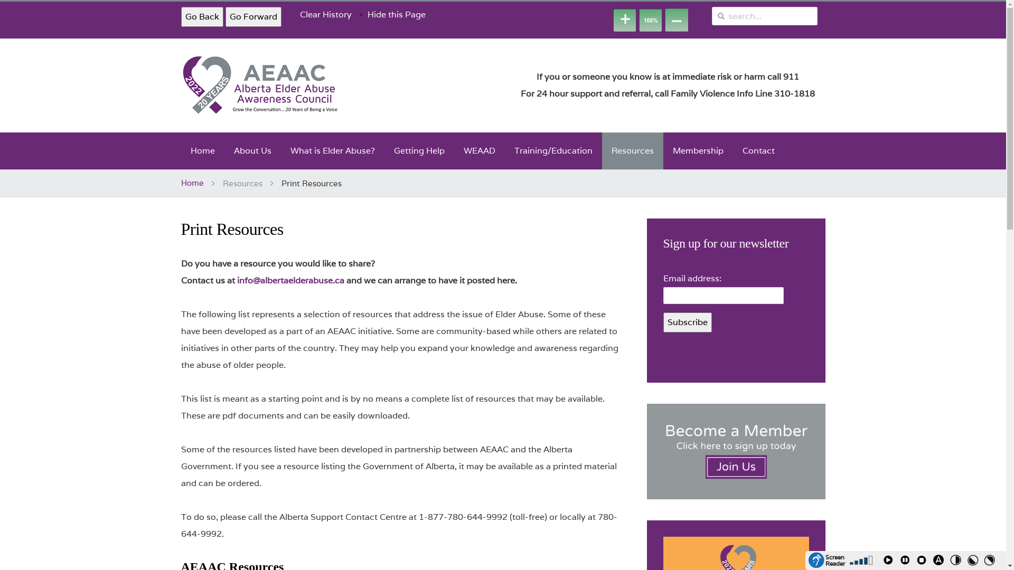 Image resolution: width=1014 pixels, height=570 pixels. I want to click on 'Getting Help', so click(418, 150).